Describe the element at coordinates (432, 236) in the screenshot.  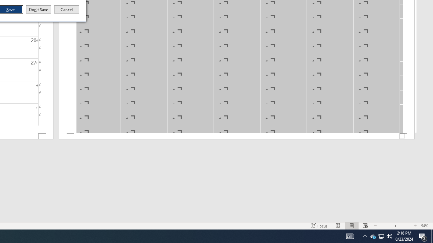
I see `'Show desktop'` at that location.